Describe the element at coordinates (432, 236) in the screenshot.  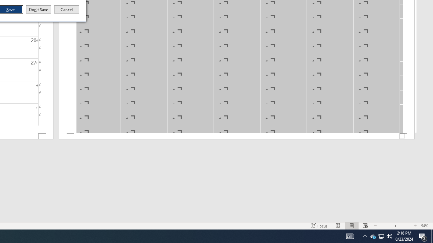
I see `'Show desktop'` at that location.